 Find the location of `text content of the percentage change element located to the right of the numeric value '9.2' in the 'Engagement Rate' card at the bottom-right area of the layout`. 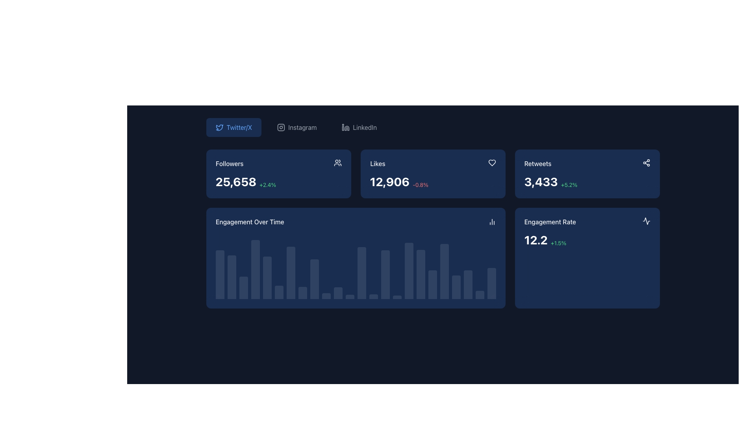

text content of the percentage change element located to the right of the numeric value '9.2' in the 'Engagement Rate' card at the bottom-right area of the layout is located at coordinates (552, 242).